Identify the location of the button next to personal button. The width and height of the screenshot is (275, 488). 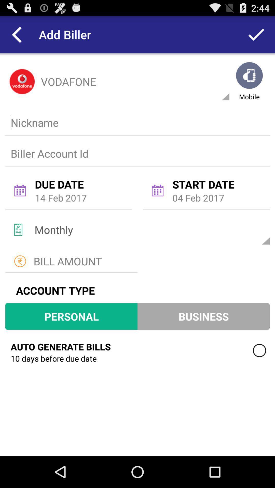
(203, 316).